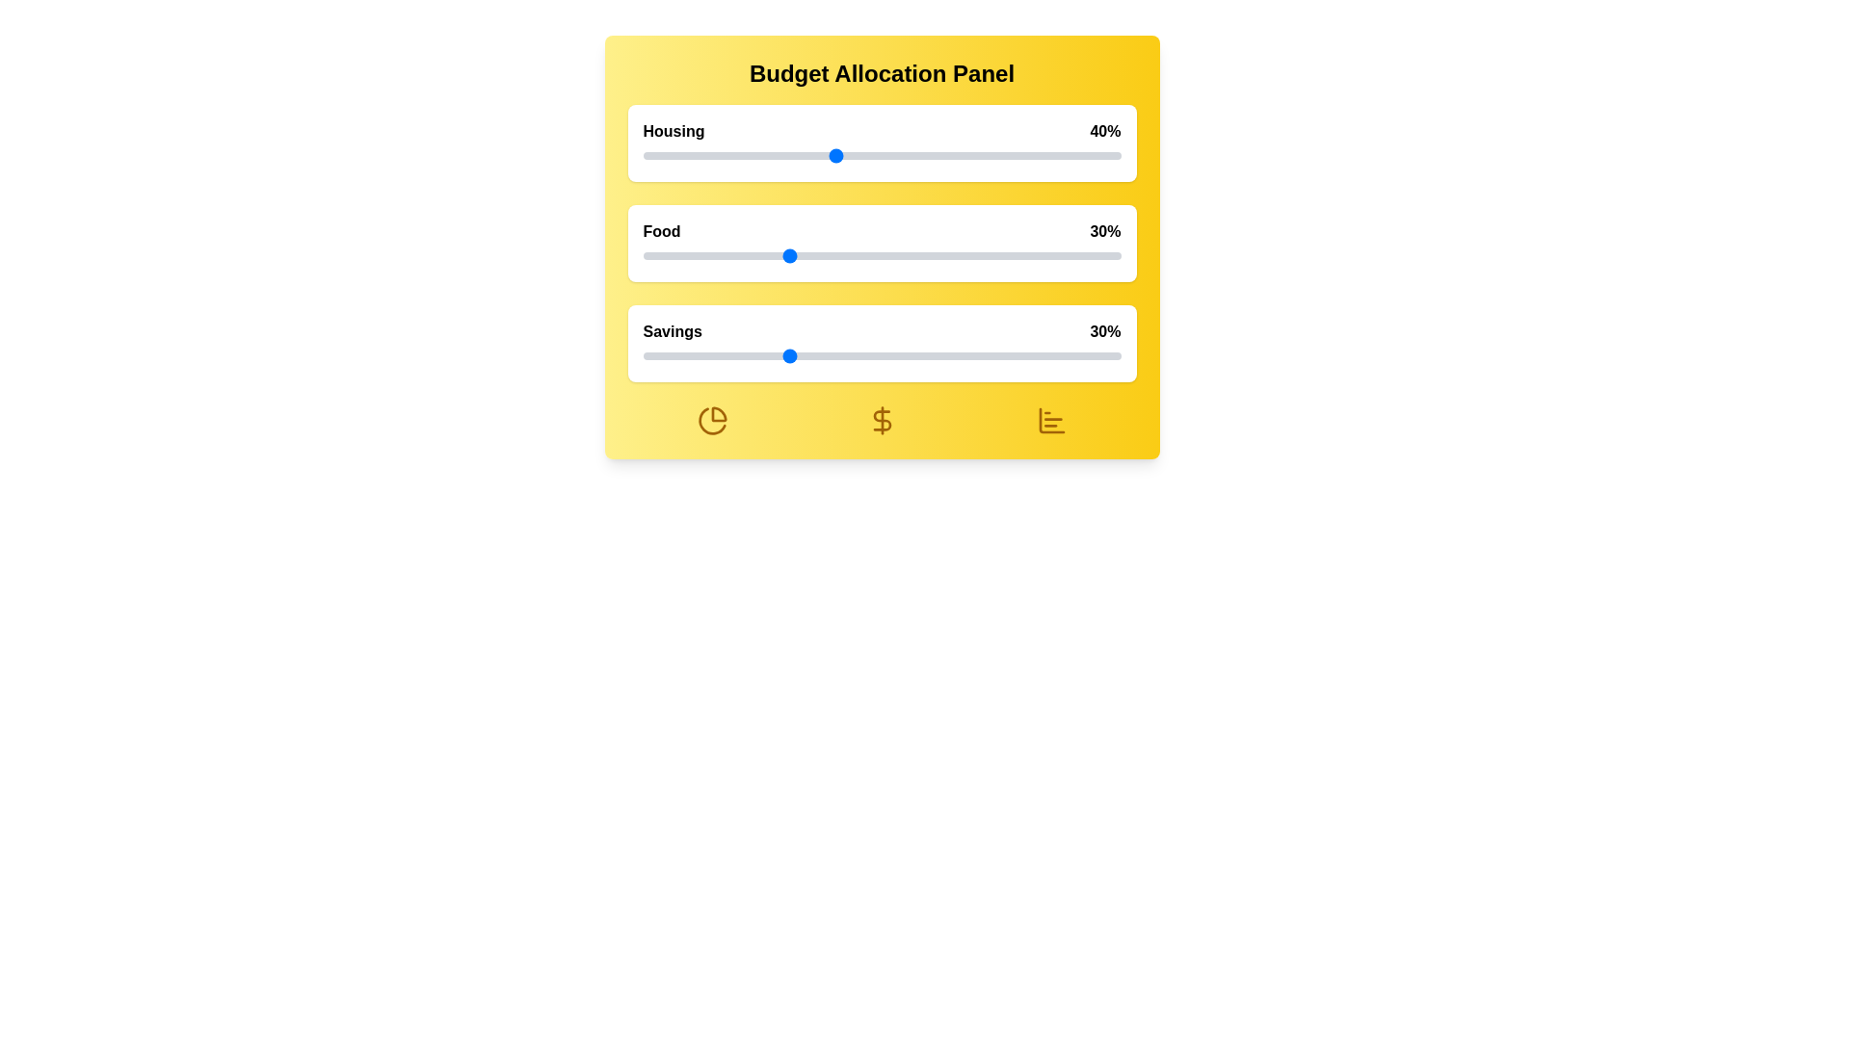 This screenshot has width=1850, height=1040. Describe the element at coordinates (866, 356) in the screenshot. I see `the slider` at that location.